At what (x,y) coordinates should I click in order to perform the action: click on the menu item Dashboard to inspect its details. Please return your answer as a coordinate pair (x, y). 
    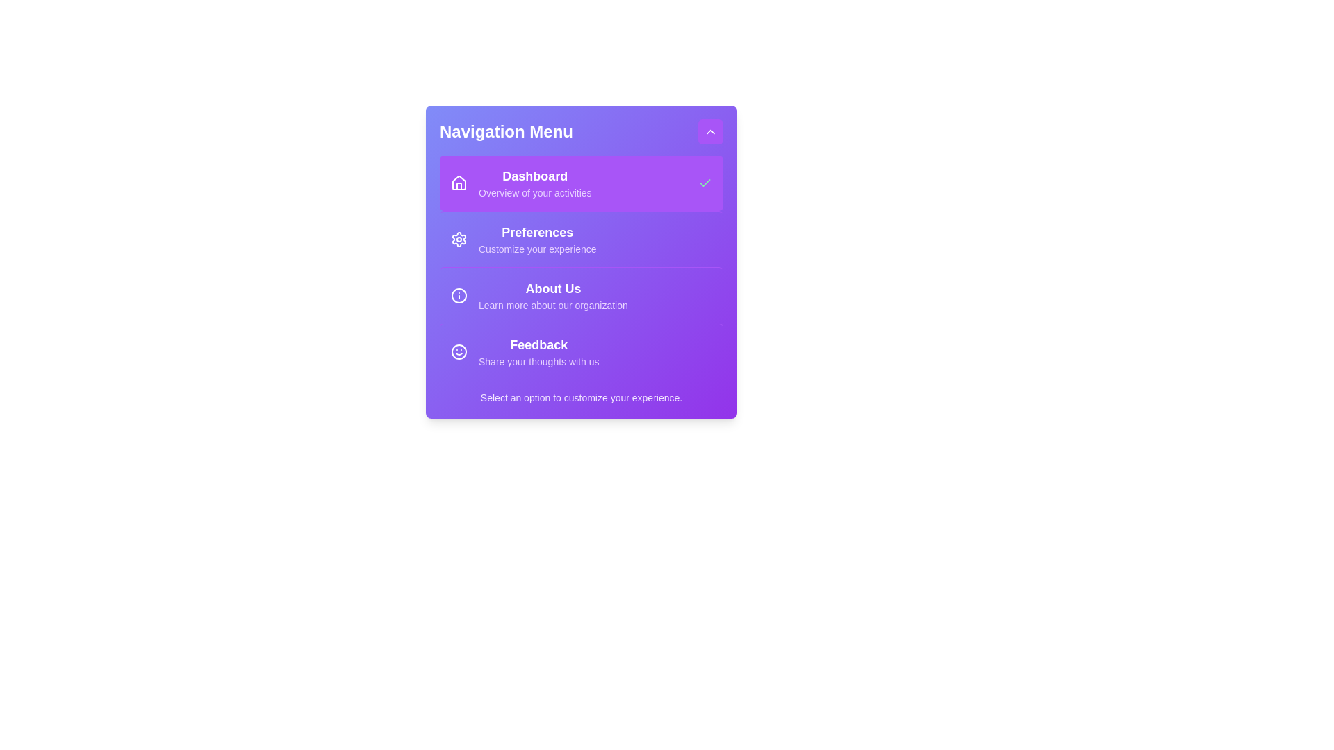
    Looking at the image, I should click on (581, 182).